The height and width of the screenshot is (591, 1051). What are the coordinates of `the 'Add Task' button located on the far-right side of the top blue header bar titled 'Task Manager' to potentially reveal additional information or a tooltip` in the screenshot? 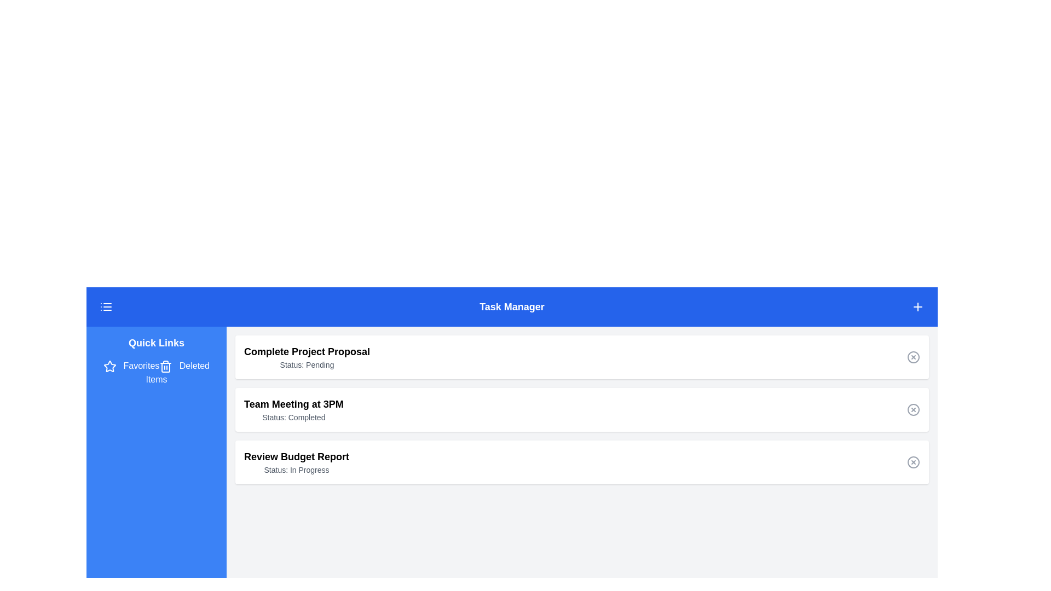 It's located at (917, 306).